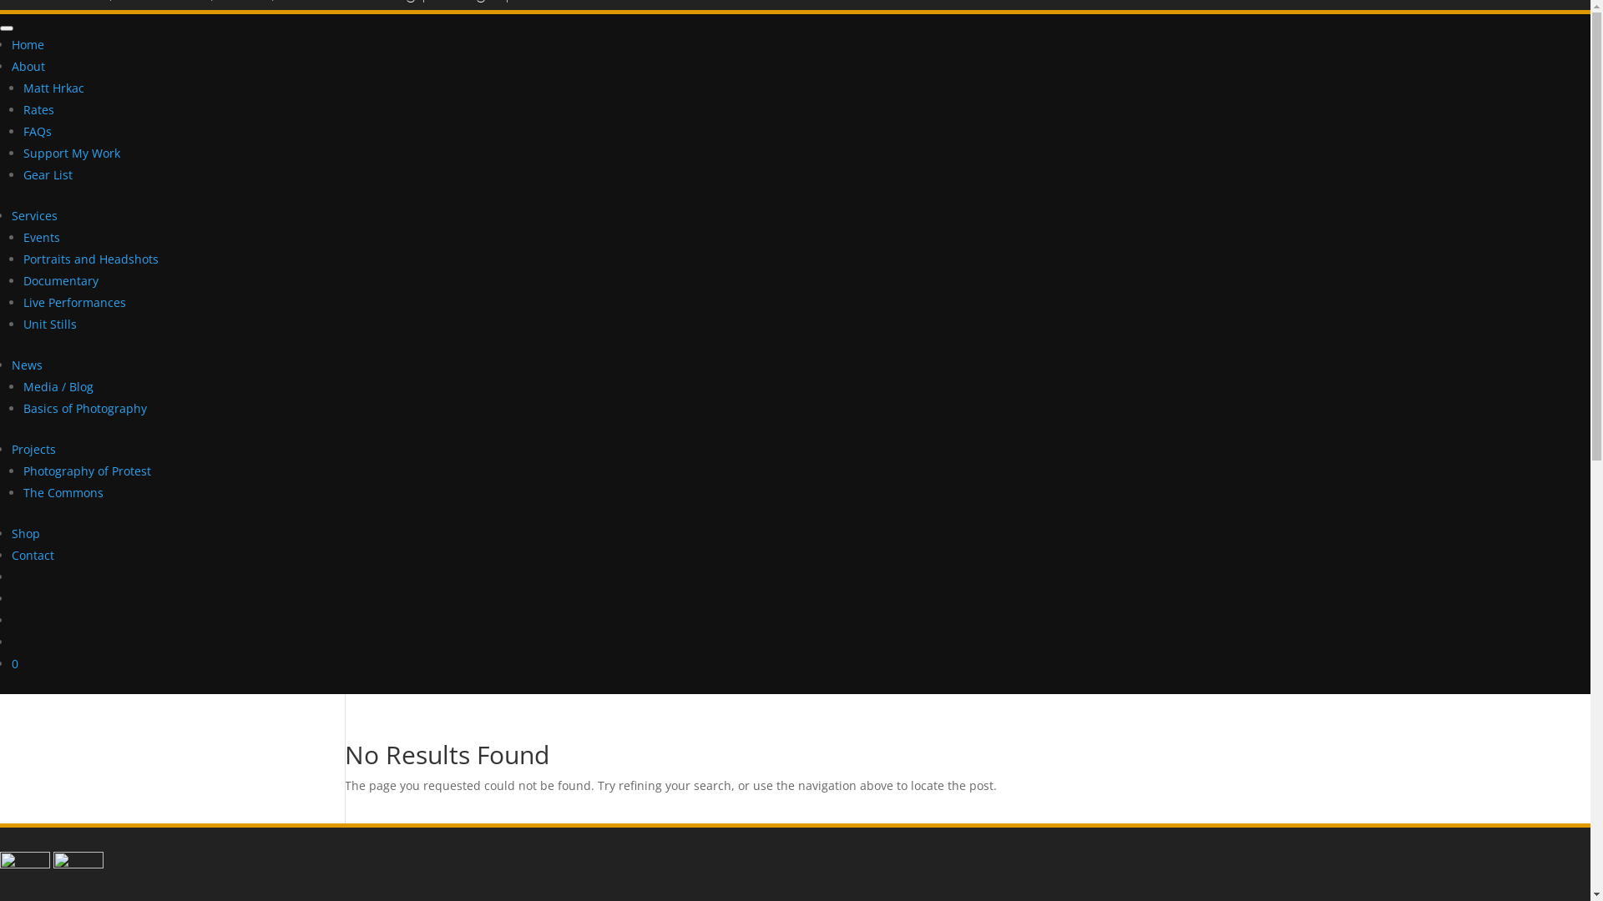 This screenshot has height=901, width=1603. I want to click on 'Support My Work', so click(71, 153).